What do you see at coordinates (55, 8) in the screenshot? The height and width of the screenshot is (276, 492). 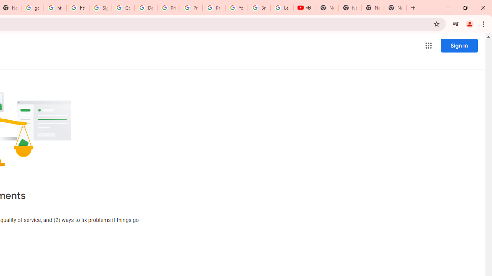 I see `'https://scholar.google.com/'` at bounding box center [55, 8].